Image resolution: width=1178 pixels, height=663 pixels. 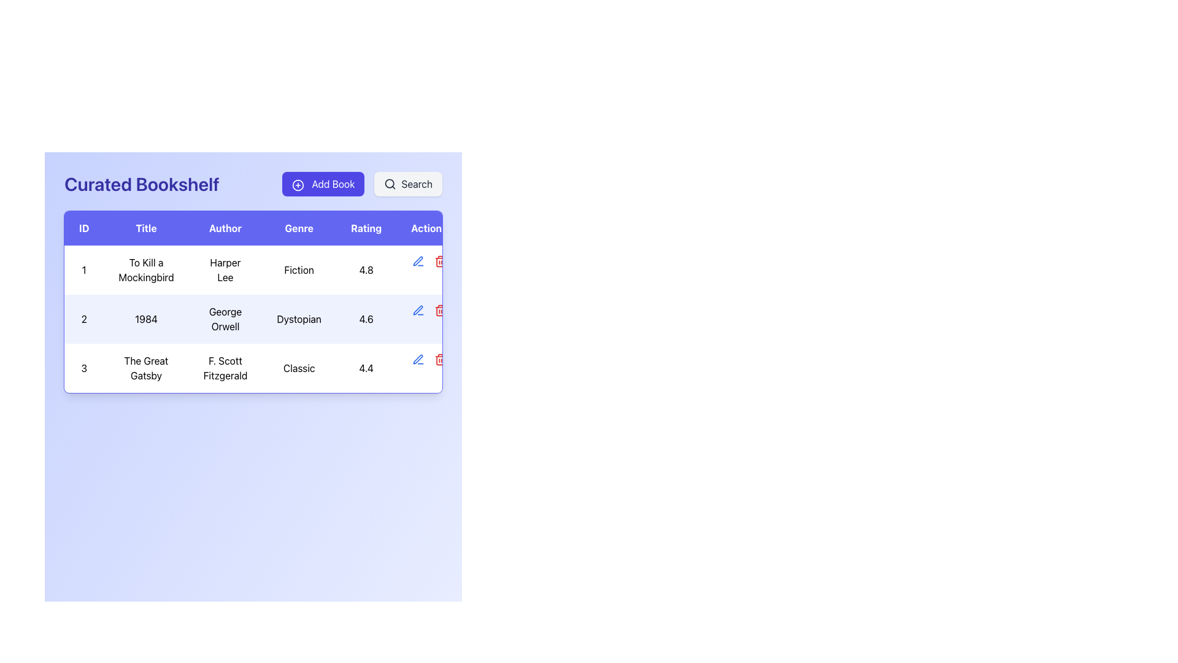 What do you see at coordinates (225, 269) in the screenshot?
I see `the Text Label that indicates the author of 'To Kill a Mockingbird' located in the first row and third column of the table` at bounding box center [225, 269].